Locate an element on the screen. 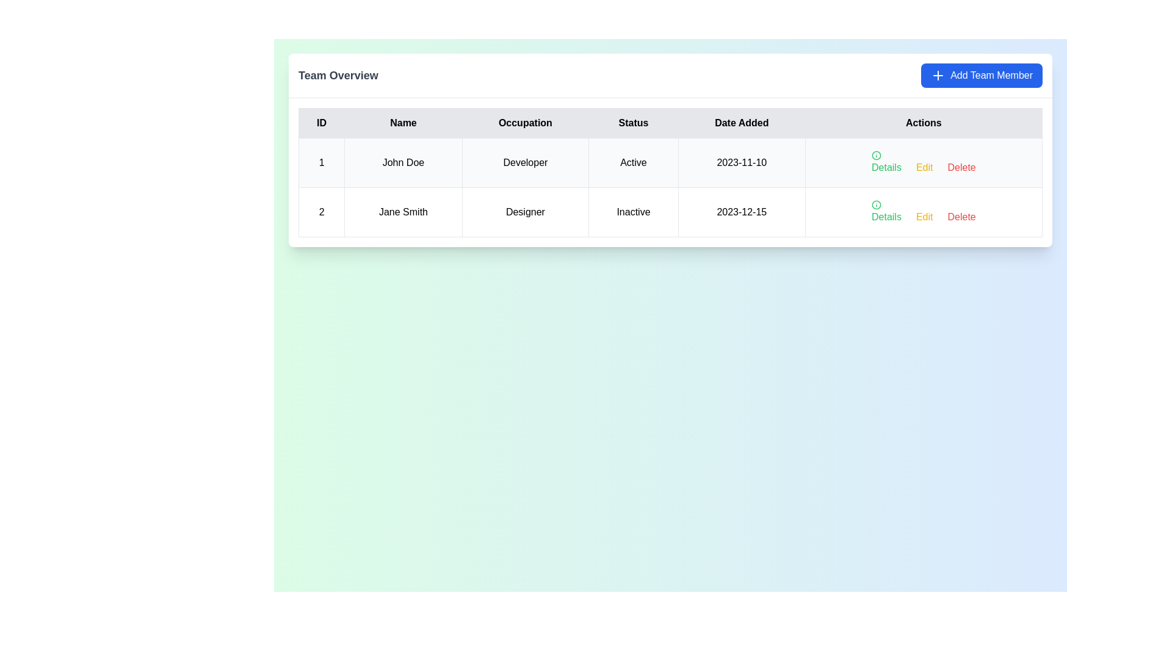 The height and width of the screenshot is (659, 1172). the text-based table cell that identifies the row for 'John Doe' in the first column of the first row of the table is located at coordinates (322, 162).